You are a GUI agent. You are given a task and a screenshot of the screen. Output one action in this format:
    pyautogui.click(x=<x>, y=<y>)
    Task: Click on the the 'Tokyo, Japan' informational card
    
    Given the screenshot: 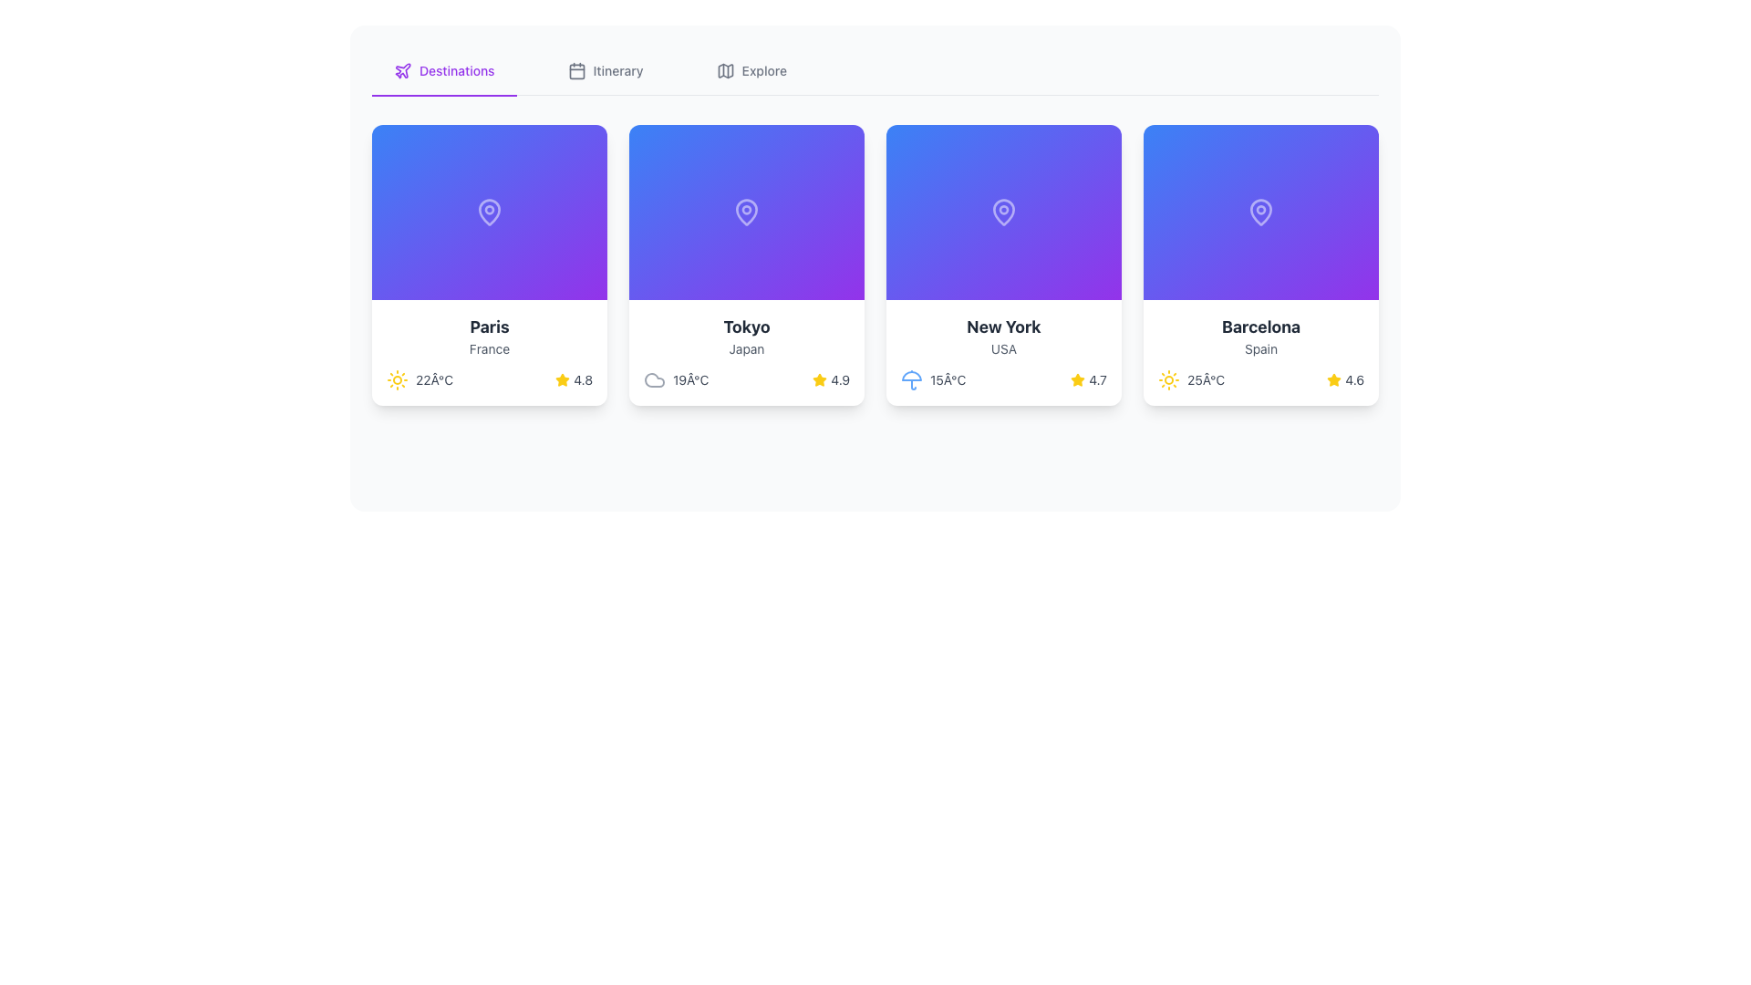 What is the action you would take?
    pyautogui.click(x=747, y=264)
    